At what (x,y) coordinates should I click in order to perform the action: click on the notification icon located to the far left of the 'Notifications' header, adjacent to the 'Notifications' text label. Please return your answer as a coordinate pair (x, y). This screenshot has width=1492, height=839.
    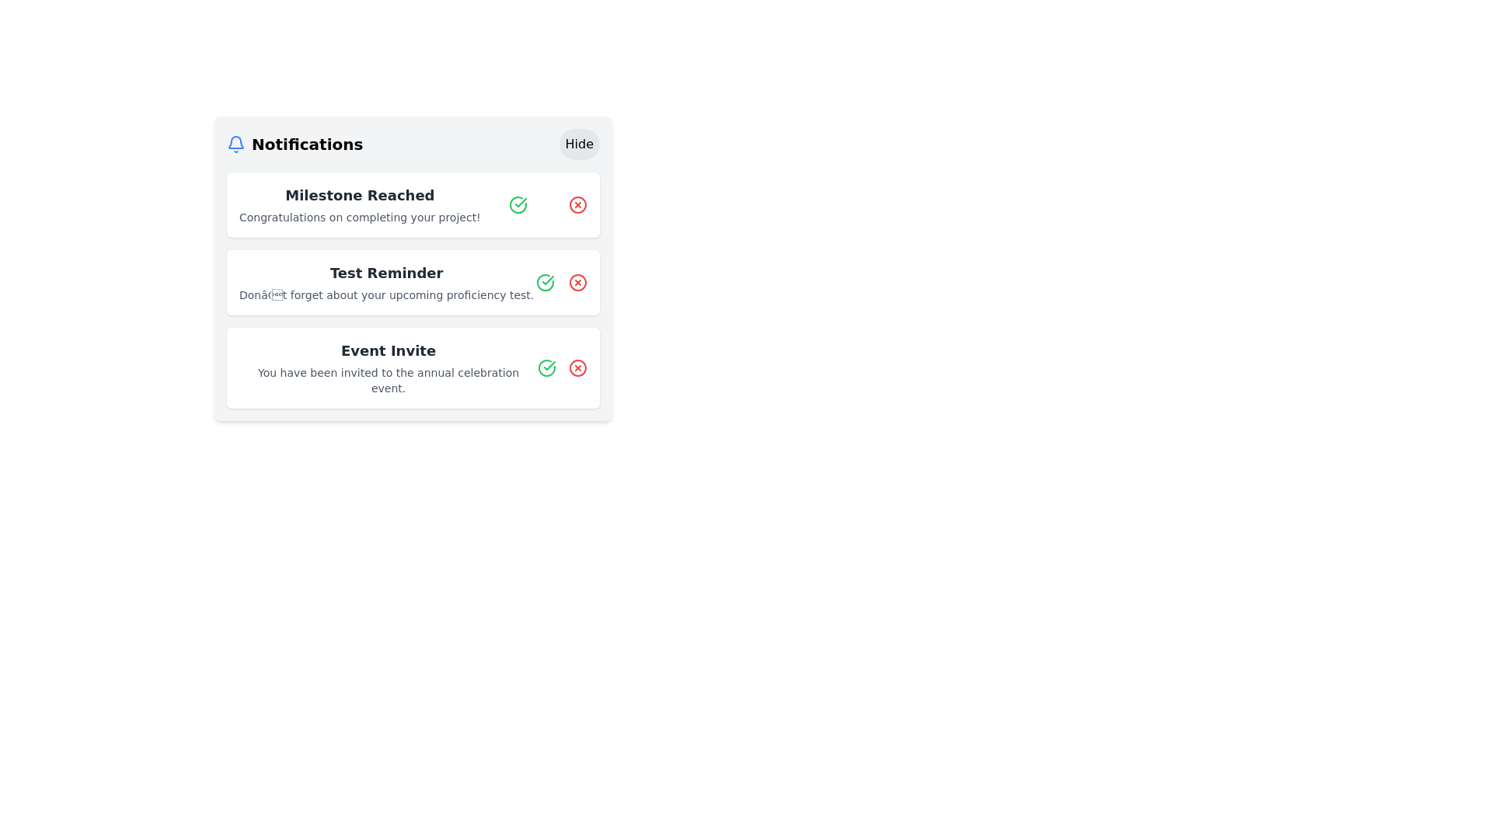
    Looking at the image, I should click on (235, 144).